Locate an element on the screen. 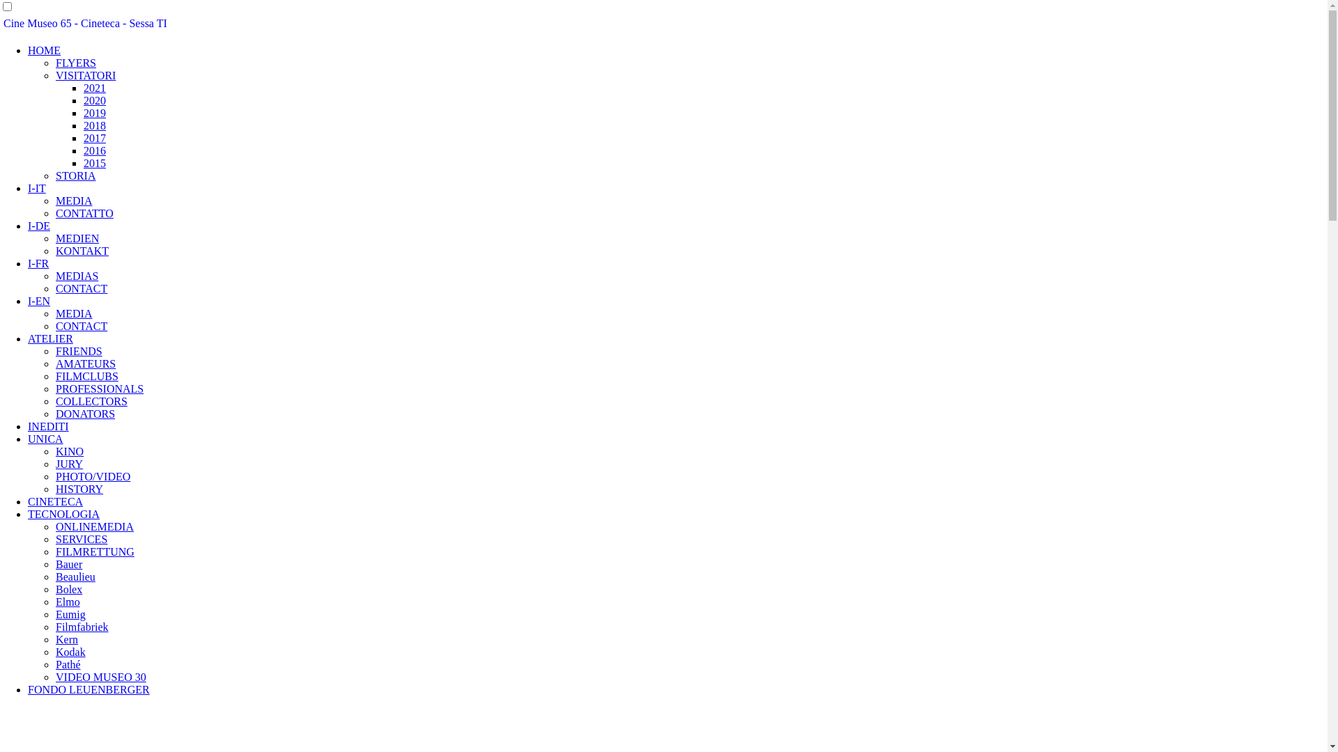 Image resolution: width=1338 pixels, height=752 pixels. 'MEDIAS' is located at coordinates (76, 276).